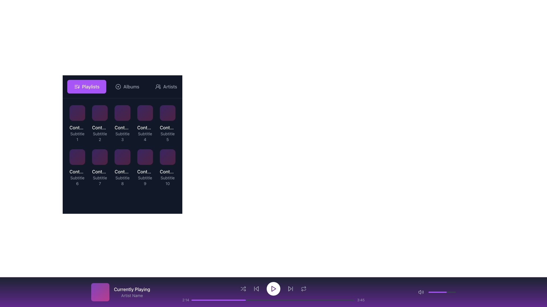  Describe the element at coordinates (303, 289) in the screenshot. I see `the sixth button in the lower control bar` at that location.